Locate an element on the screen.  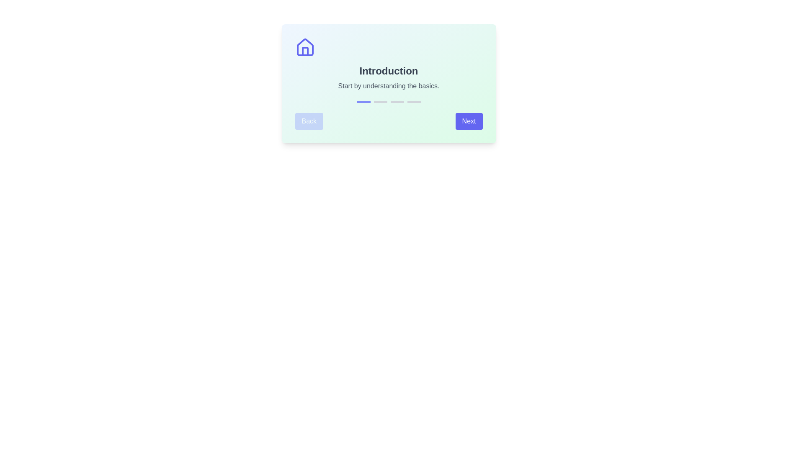
the progress indicator to inspect its state is located at coordinates (363, 101).